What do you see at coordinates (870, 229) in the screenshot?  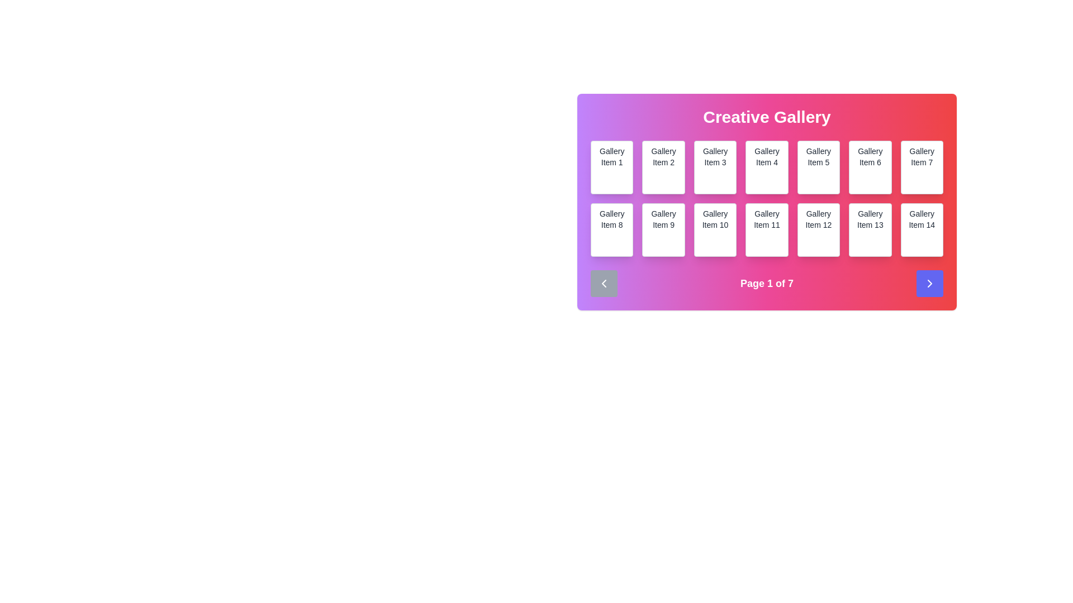 I see `the static display card located in the second row, sixth column of the grid that visually represents an item in a gallery` at bounding box center [870, 229].